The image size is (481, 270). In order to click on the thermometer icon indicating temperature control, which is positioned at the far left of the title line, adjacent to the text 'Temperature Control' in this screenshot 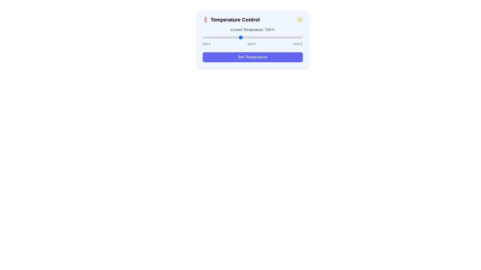, I will do `click(205, 19)`.